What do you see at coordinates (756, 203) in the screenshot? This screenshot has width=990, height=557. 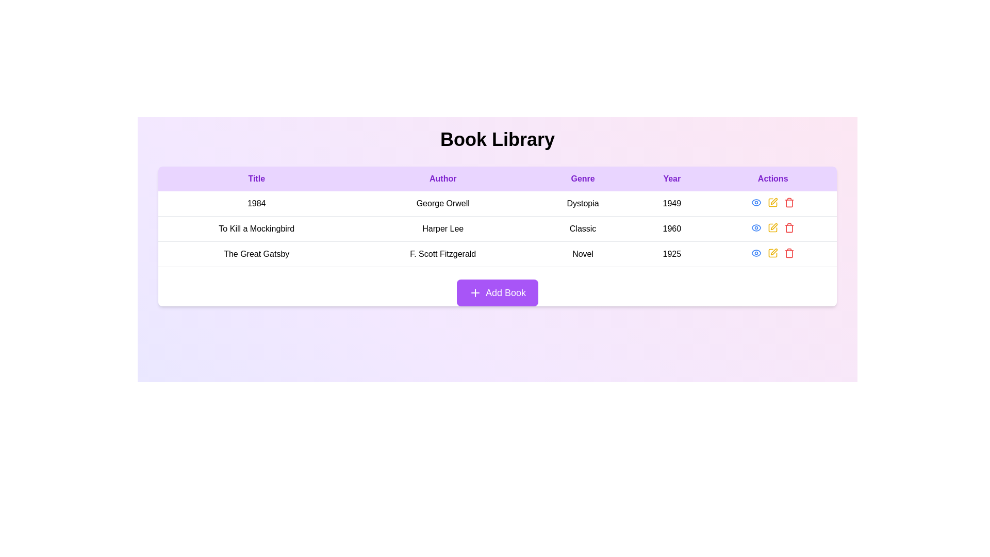 I see `the first icon button in the 'Actions' column of the table` at bounding box center [756, 203].